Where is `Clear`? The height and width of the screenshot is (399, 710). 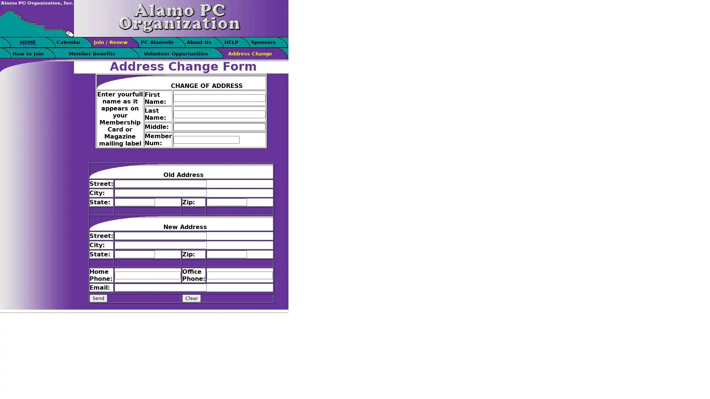
Clear is located at coordinates (192, 298).